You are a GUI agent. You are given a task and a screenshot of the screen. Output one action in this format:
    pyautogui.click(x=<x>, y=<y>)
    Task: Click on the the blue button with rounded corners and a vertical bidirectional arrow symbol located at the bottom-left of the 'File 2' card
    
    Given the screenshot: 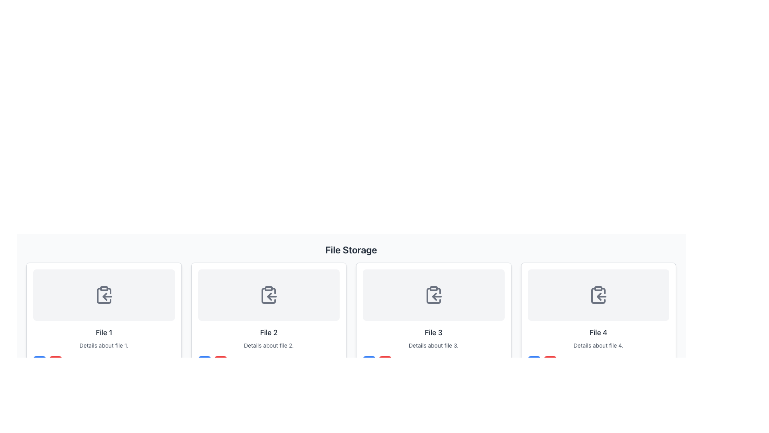 What is the action you would take?
    pyautogui.click(x=204, y=362)
    